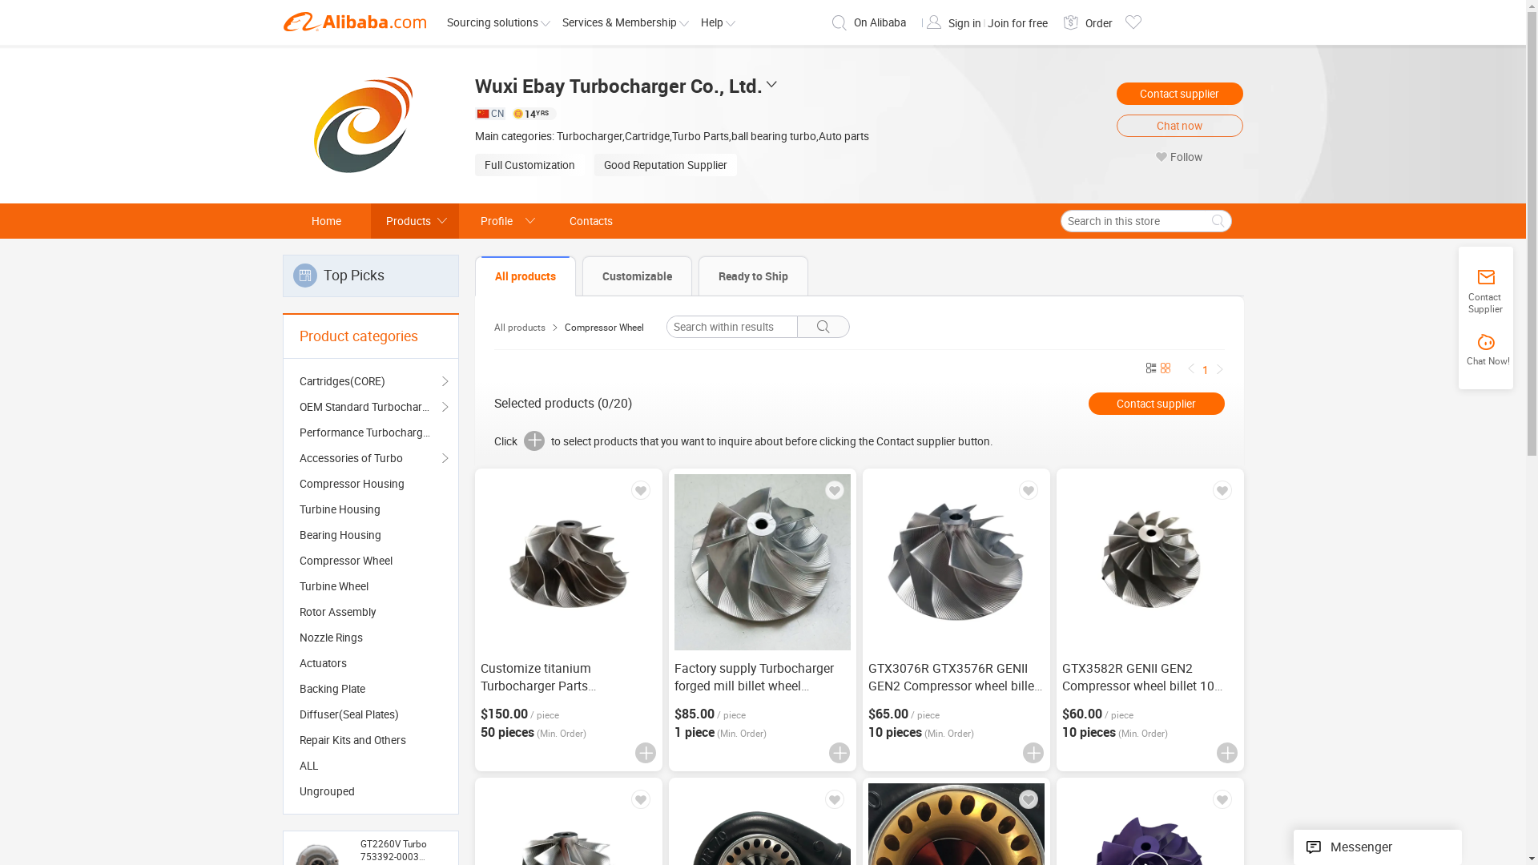 Image resolution: width=1538 pixels, height=865 pixels. I want to click on 'Profile', so click(457, 221).